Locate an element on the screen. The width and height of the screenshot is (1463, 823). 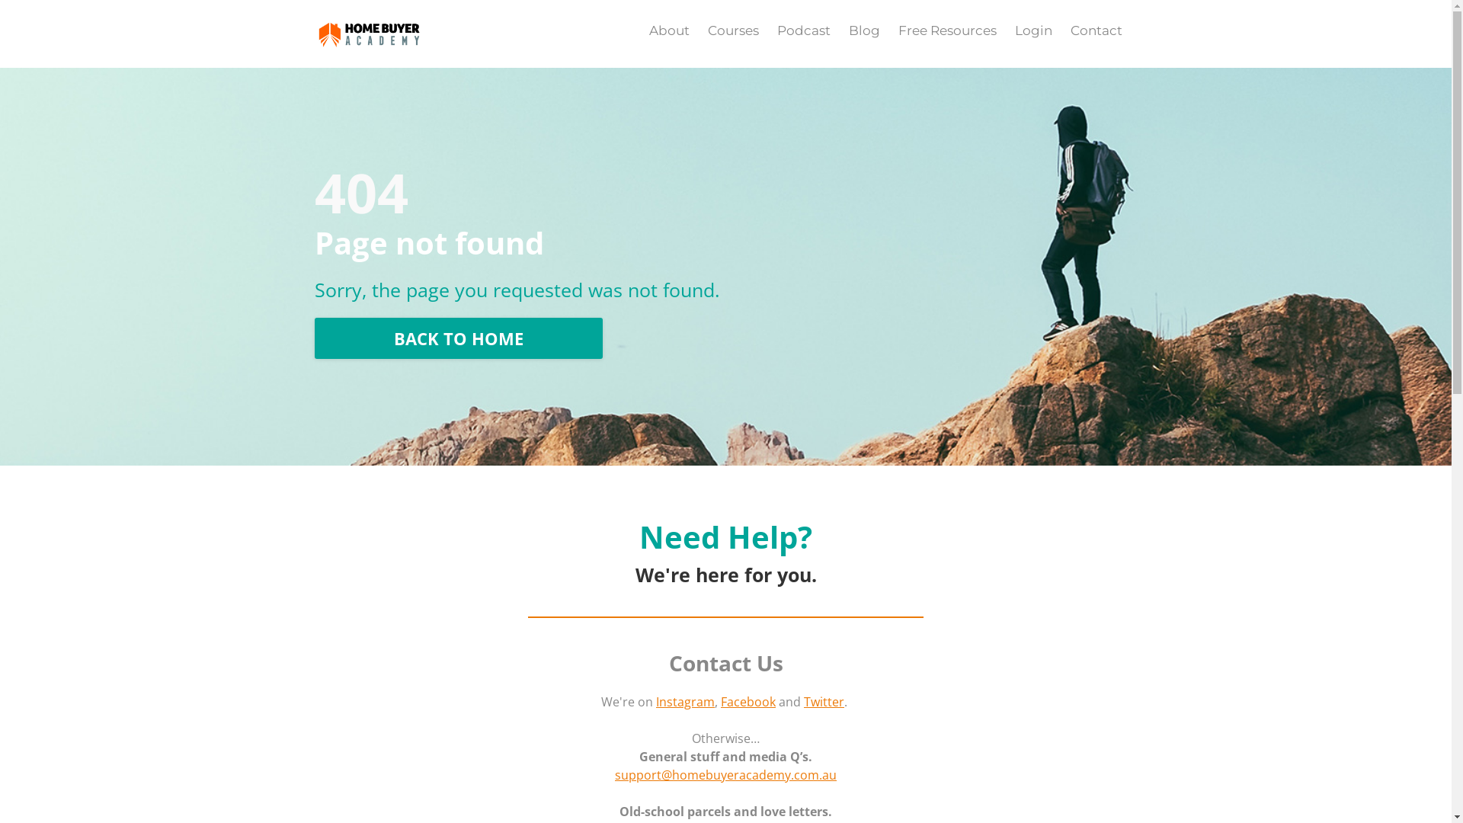
'About' is located at coordinates (669, 30).